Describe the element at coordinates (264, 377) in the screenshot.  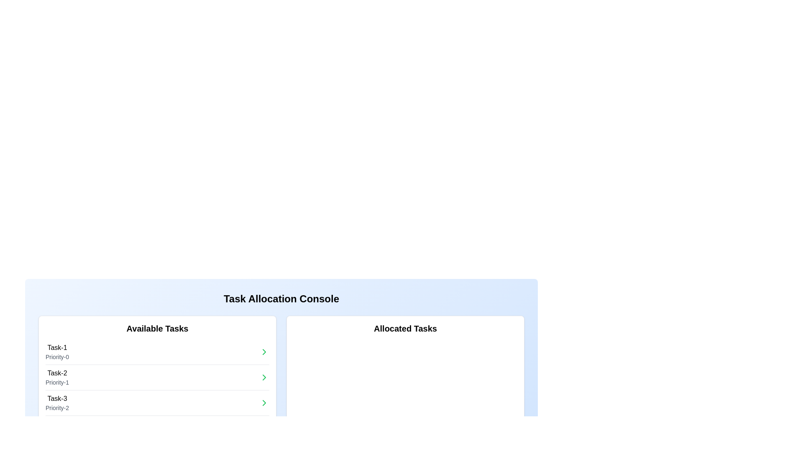
I see `the rightward-facing green arrow icon button located at the right side of the 'Task-2 Priority-1' entry in the Task Allocation Console` at that location.